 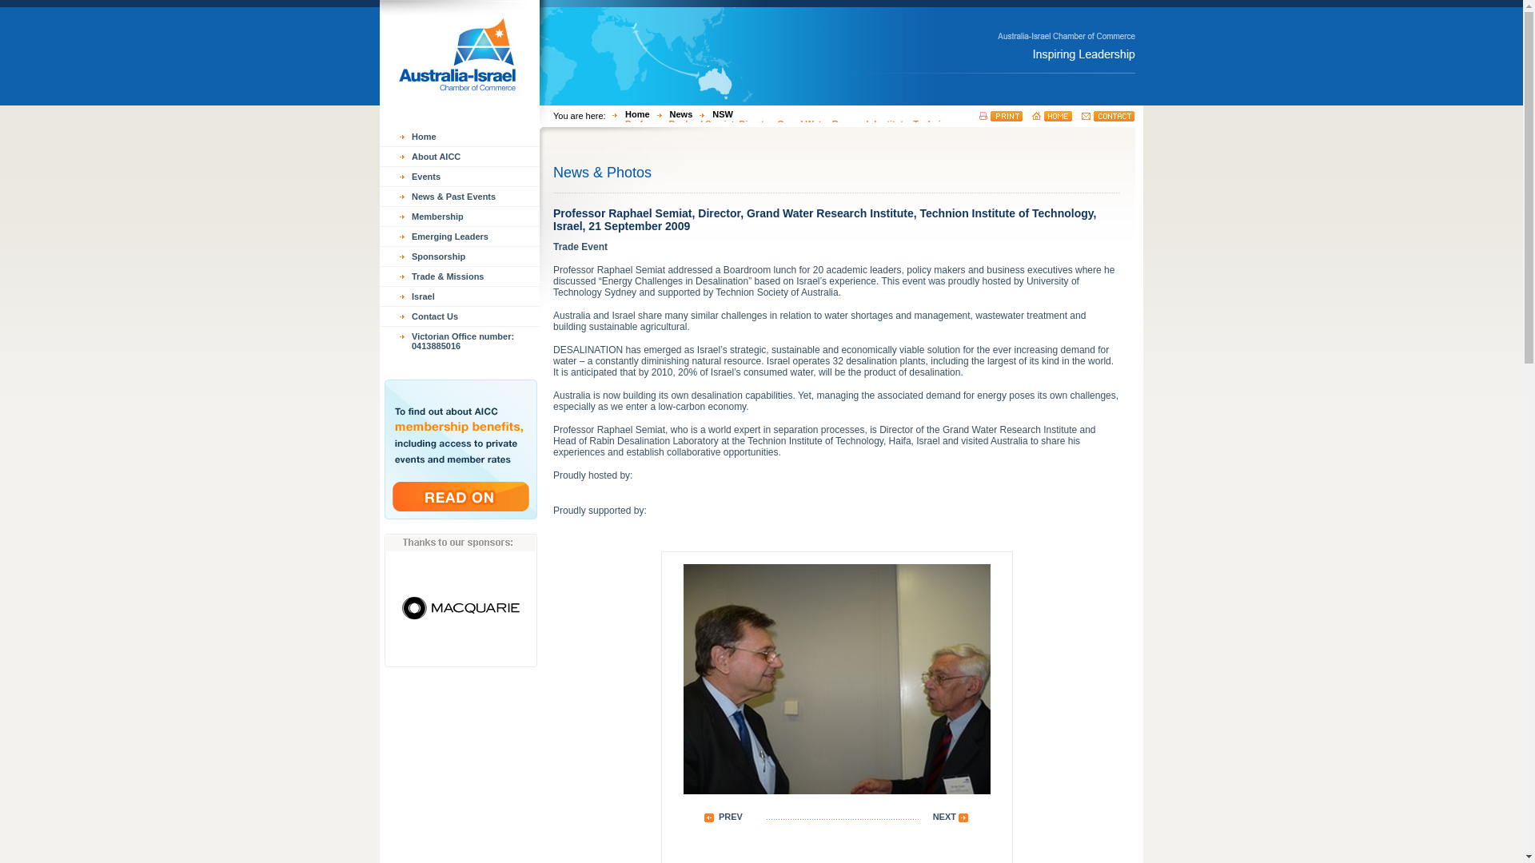 What do you see at coordinates (385, 604) in the screenshot?
I see `'Personal Banking Australia | Bank with Macquarie'` at bounding box center [385, 604].